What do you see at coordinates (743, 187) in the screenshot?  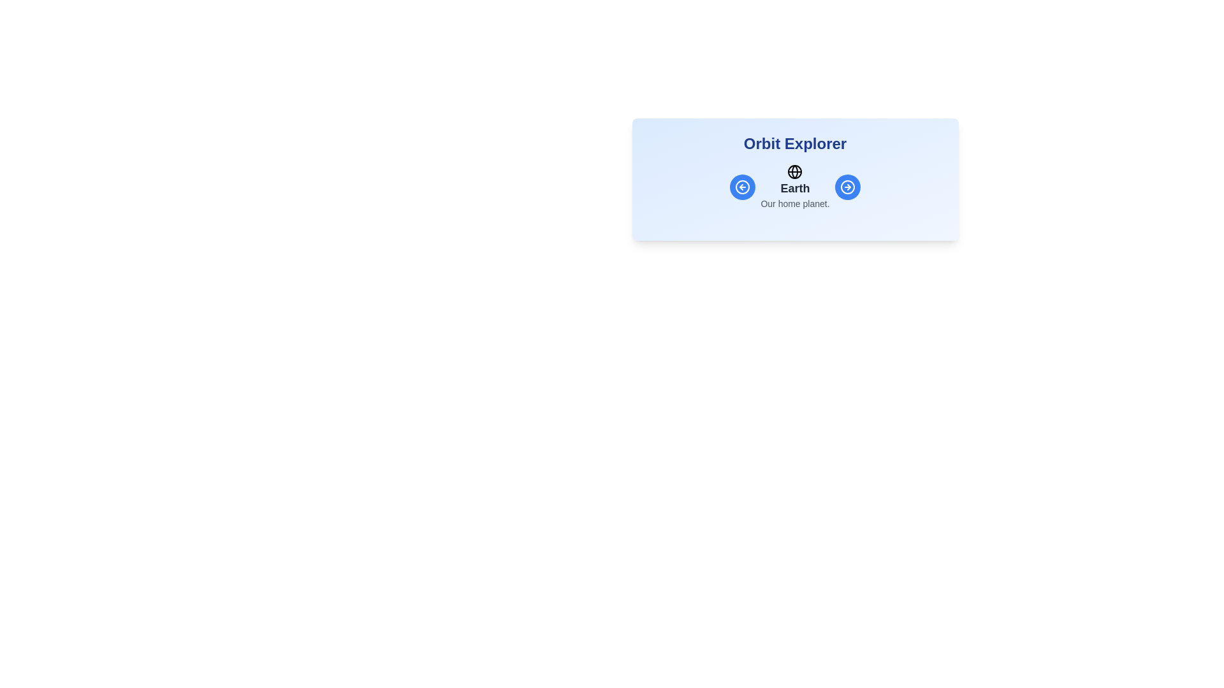 I see `the navigation button located to the left of the Earth description section` at bounding box center [743, 187].